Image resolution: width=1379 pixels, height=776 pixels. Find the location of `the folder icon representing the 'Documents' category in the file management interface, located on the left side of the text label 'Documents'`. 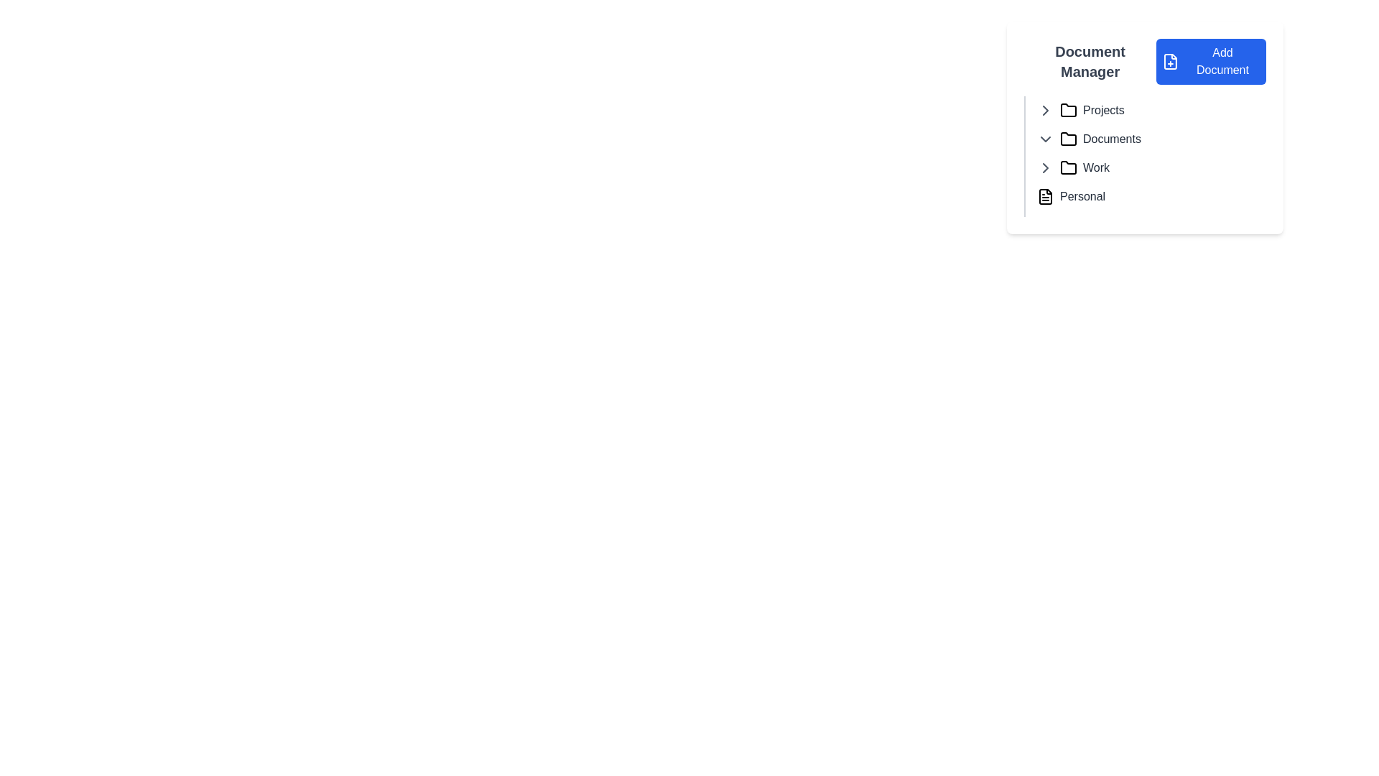

the folder icon representing the 'Documents' category in the file management interface, located on the left side of the text label 'Documents' is located at coordinates (1069, 139).